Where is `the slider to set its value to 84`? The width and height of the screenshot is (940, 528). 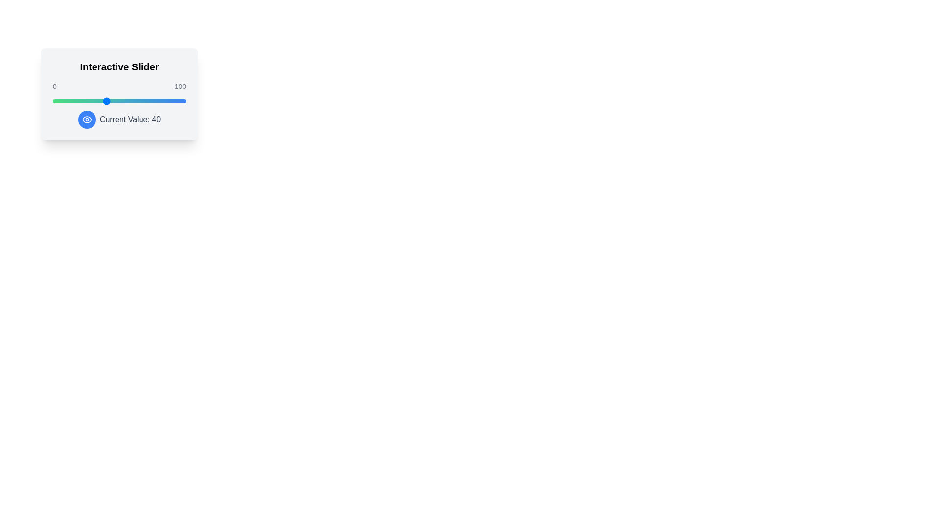 the slider to set its value to 84 is located at coordinates (164, 101).